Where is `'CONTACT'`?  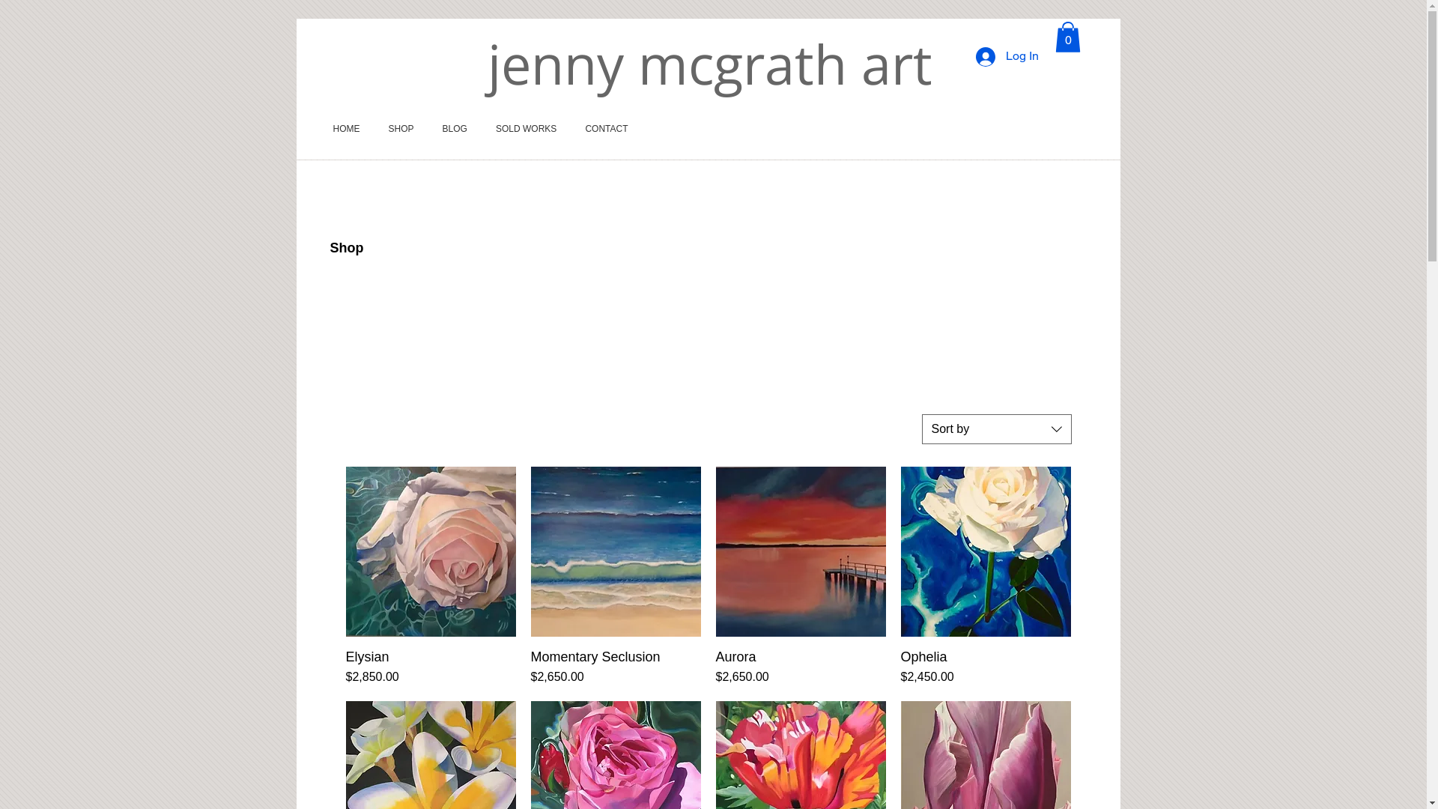 'CONTACT' is located at coordinates (606, 128).